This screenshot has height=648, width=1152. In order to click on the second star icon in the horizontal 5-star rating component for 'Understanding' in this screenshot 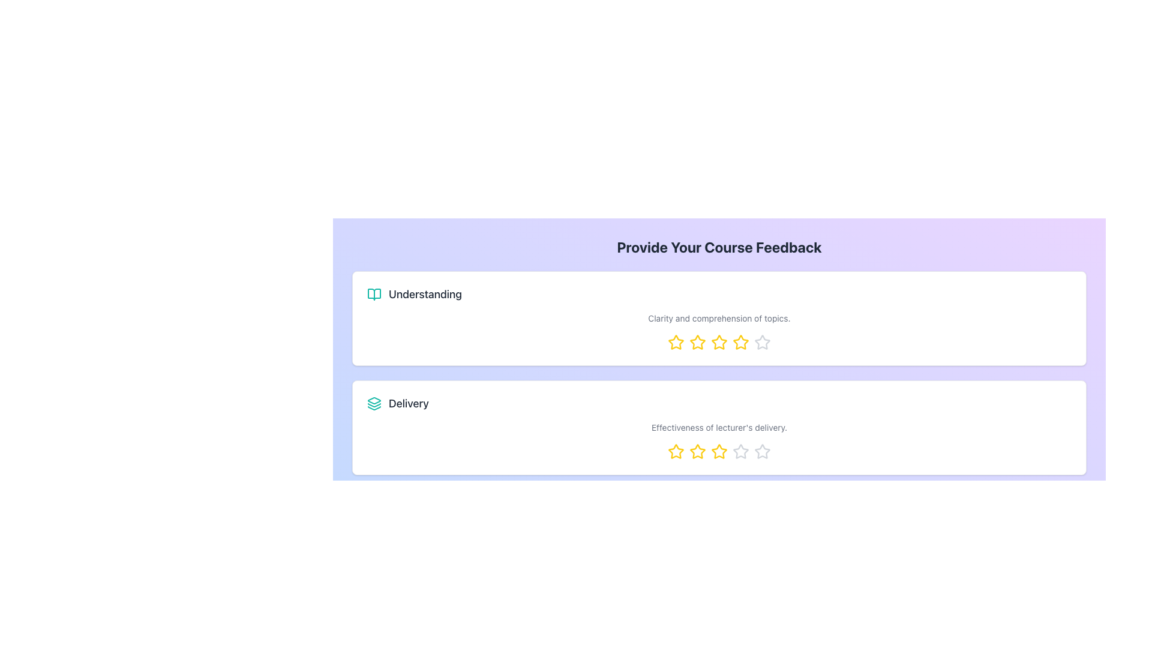, I will do `click(676, 342)`.